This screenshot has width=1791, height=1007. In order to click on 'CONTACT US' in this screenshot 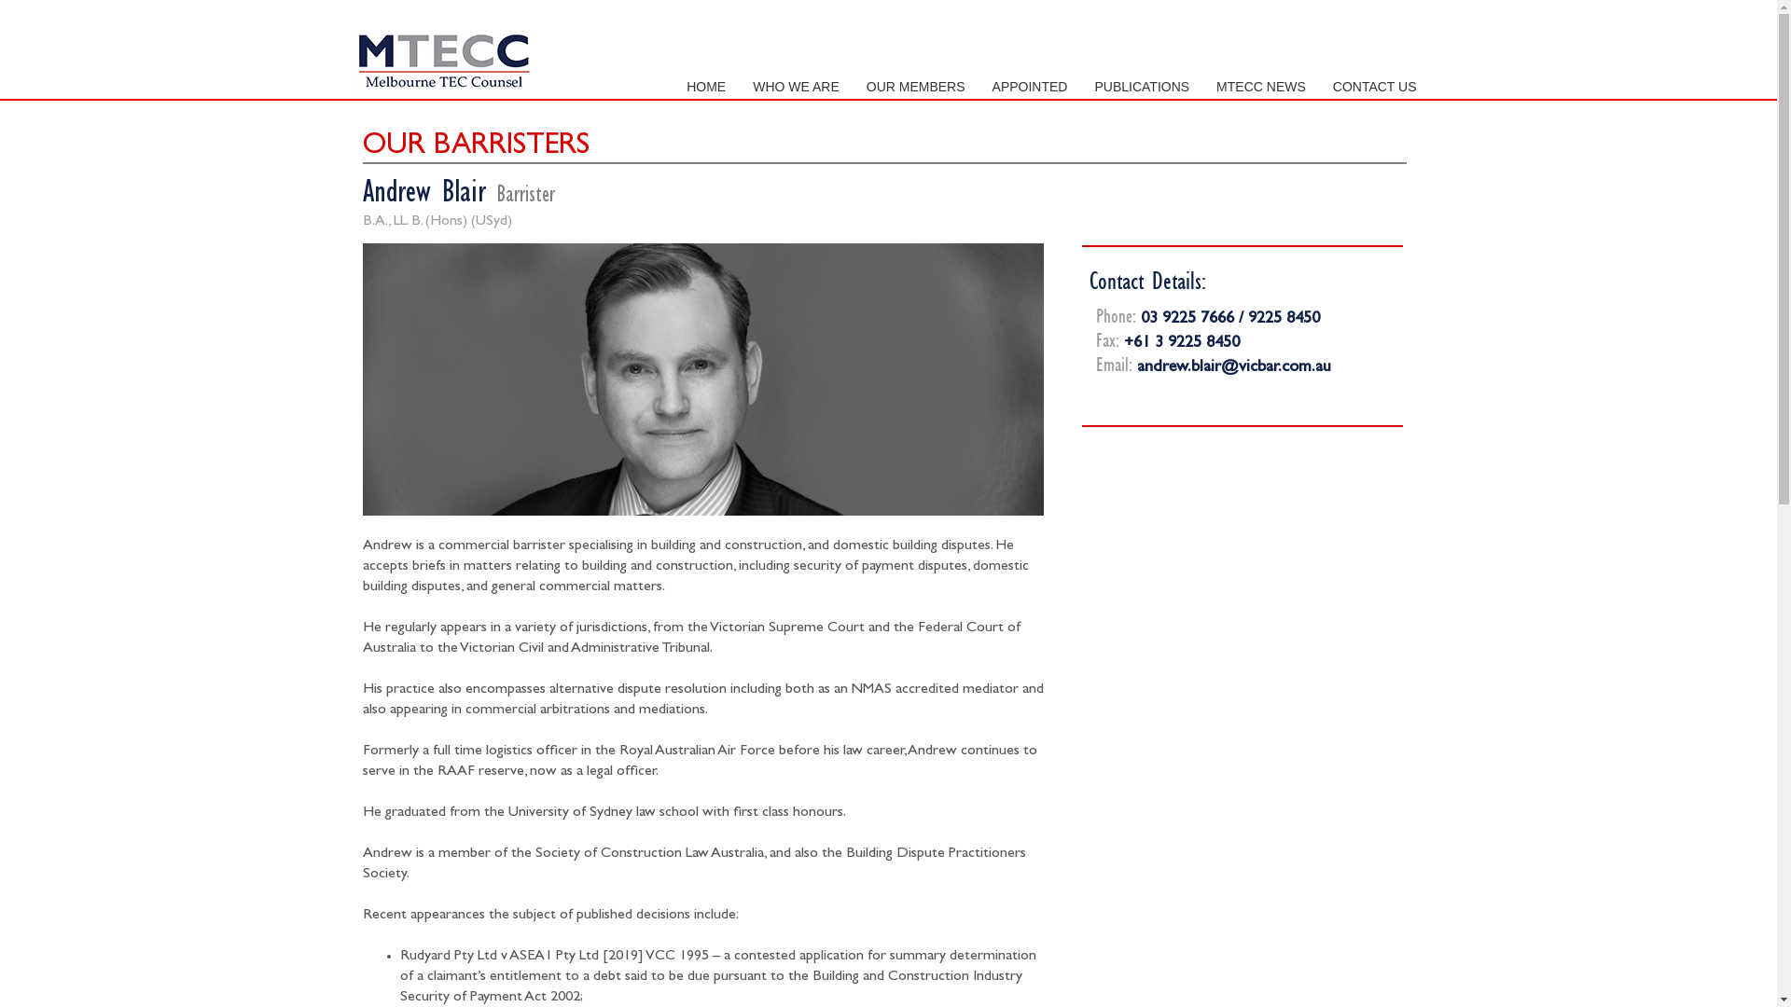, I will do `click(1374, 86)`.